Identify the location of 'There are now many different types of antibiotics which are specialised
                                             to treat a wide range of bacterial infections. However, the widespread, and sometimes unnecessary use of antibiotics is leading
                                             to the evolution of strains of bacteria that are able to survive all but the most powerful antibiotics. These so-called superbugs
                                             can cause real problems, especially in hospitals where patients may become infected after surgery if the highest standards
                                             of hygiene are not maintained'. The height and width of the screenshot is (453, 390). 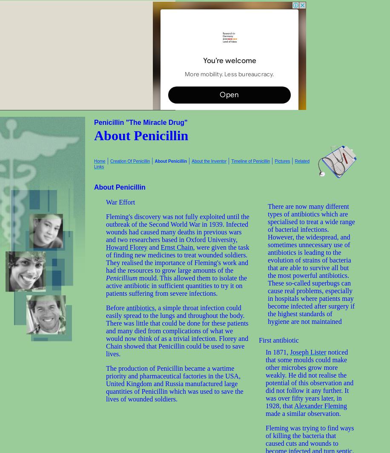
(311, 263).